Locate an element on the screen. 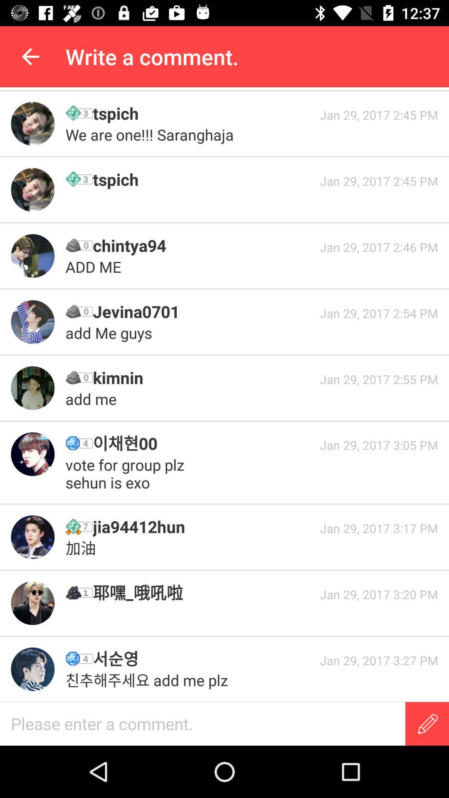  the icon next to the jan 29 2017 icon is located at coordinates (151, 135).